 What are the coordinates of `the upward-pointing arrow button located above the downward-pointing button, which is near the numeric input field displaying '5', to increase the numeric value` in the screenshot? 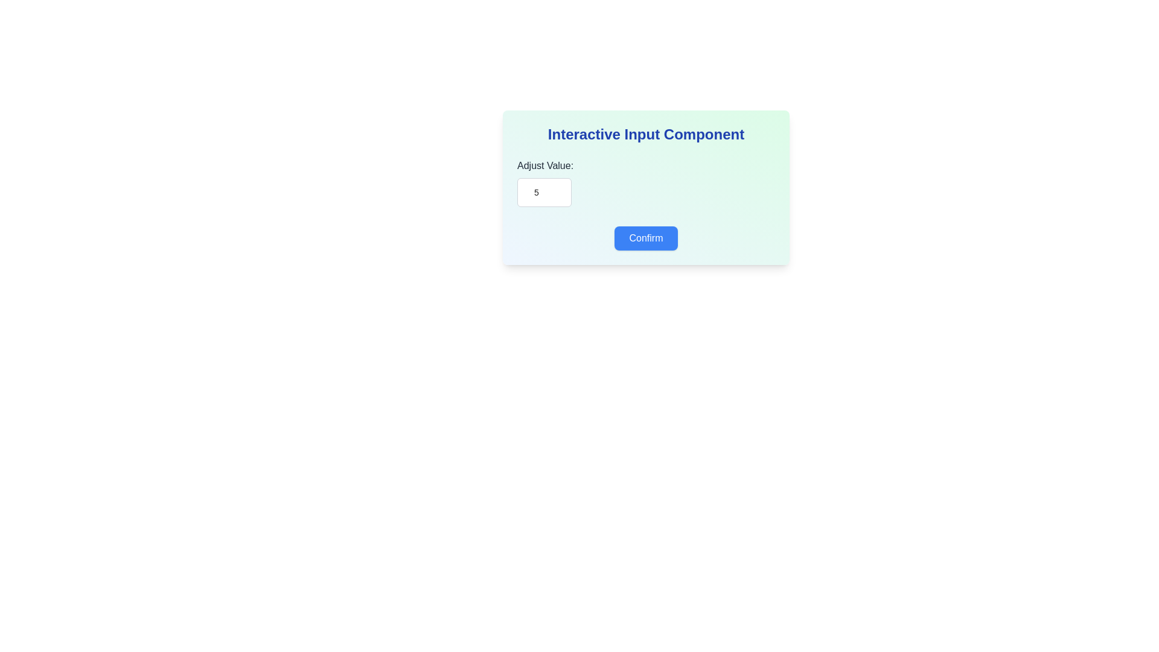 It's located at (570, 185).